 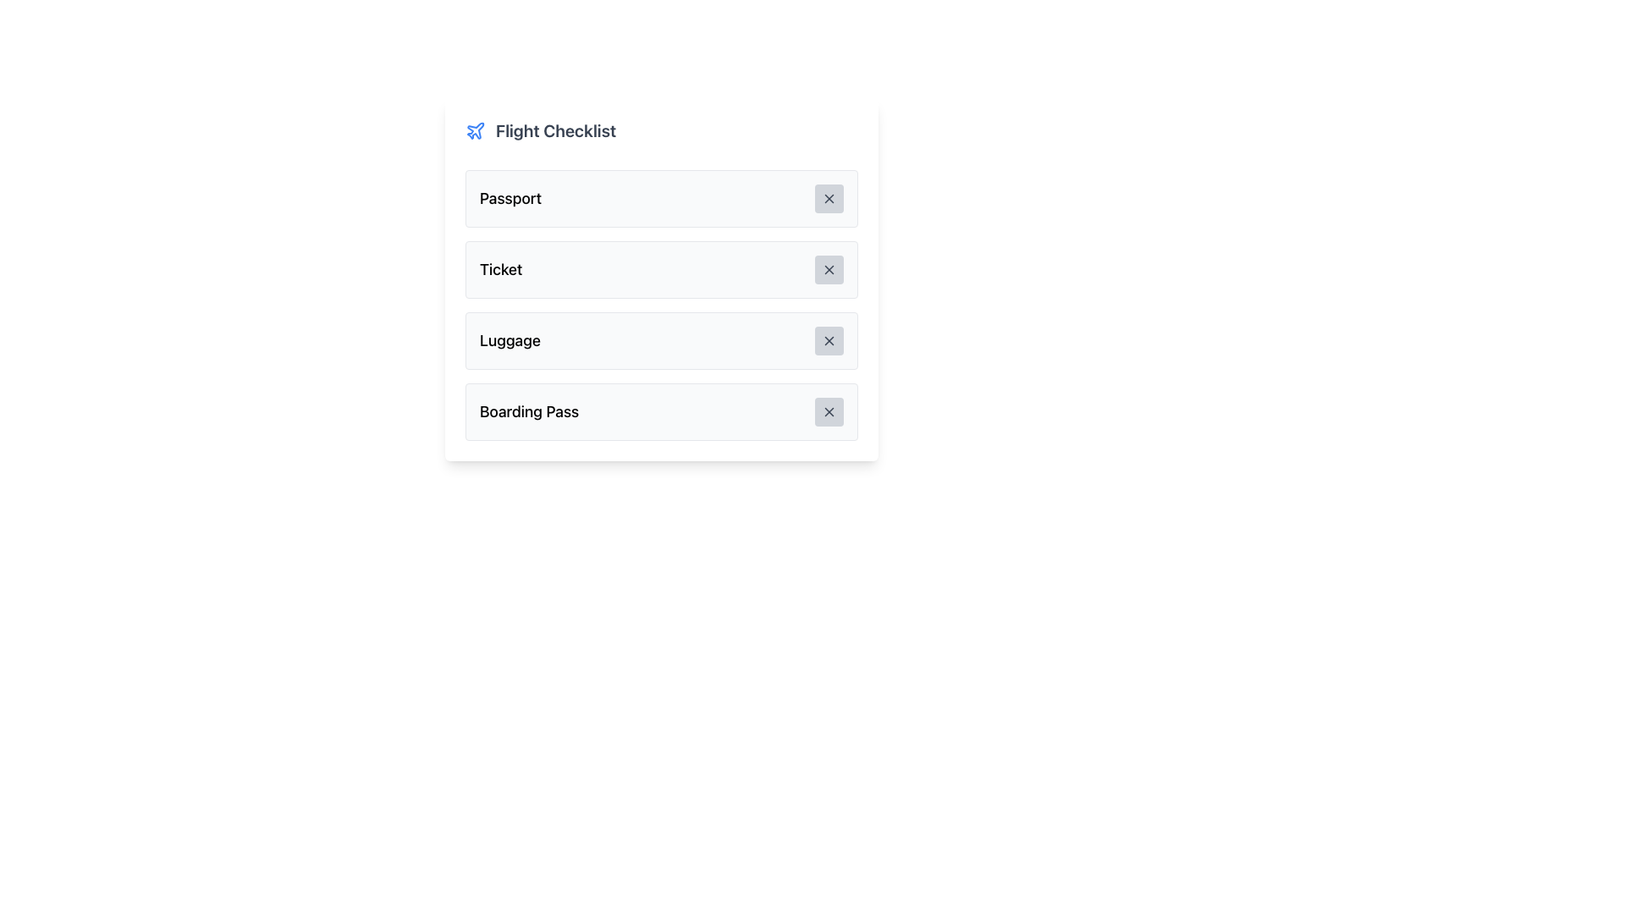 I want to click on the 'X' icon in the close button located on the right side of the 'Luggage' row in the Flight Checklist, so click(x=829, y=340).